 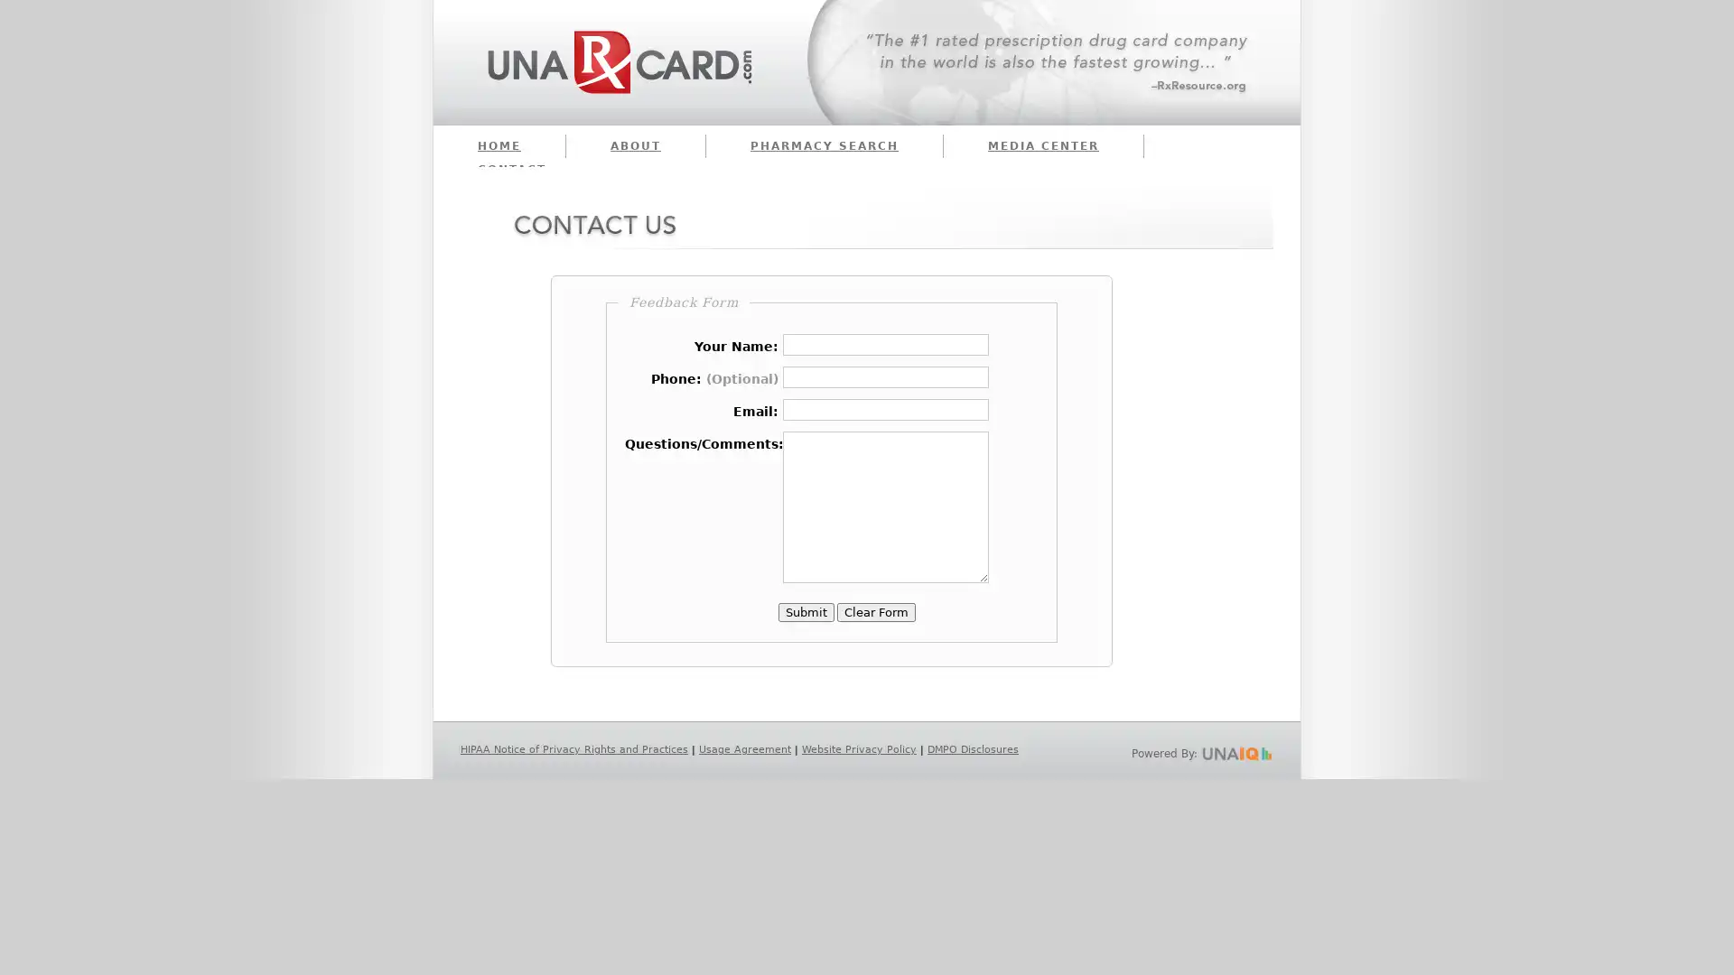 I want to click on Clear Form, so click(x=876, y=611).